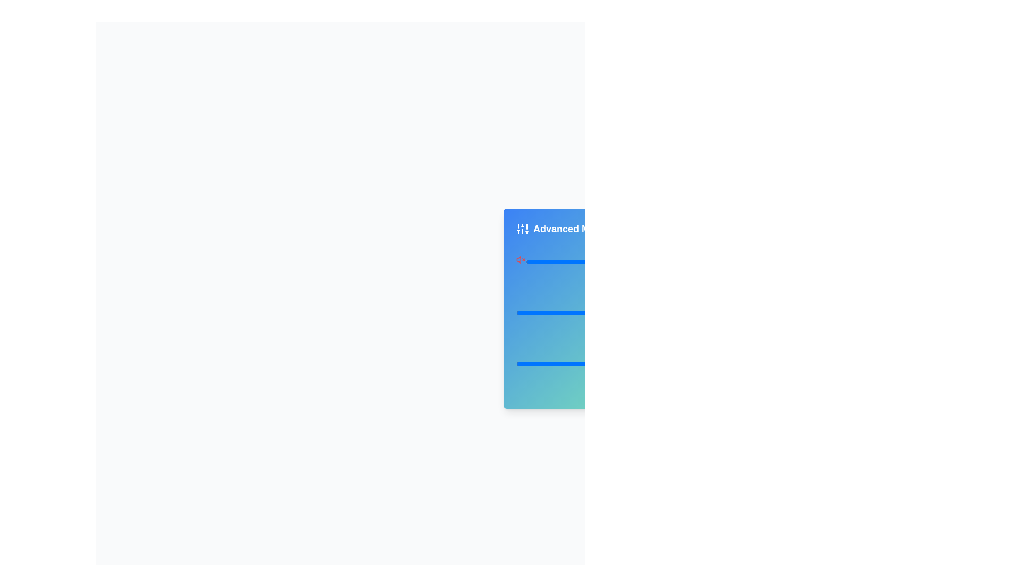 This screenshot has width=1020, height=574. Describe the element at coordinates (553, 313) in the screenshot. I see `the balance value` at that location.